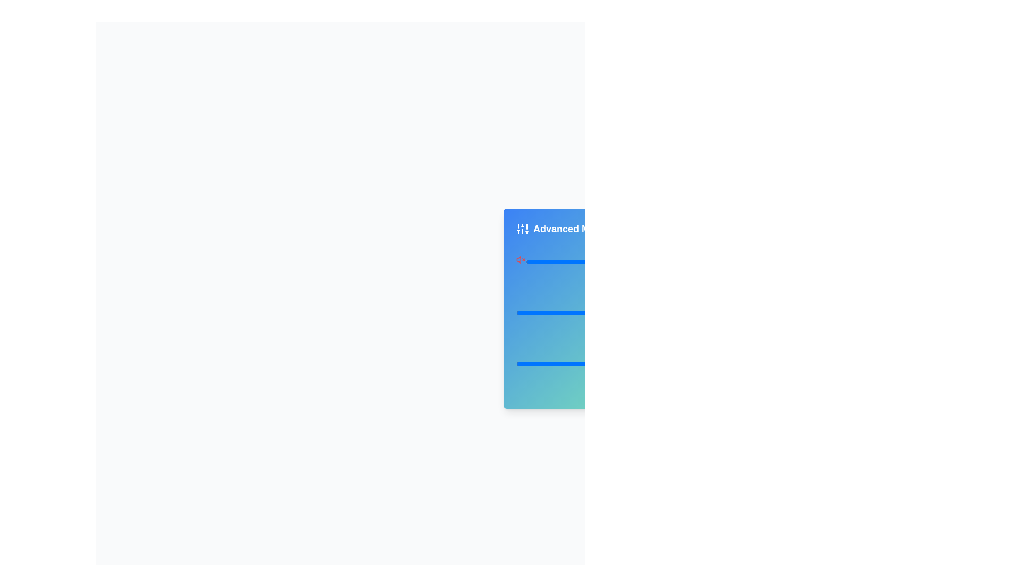 This screenshot has width=1020, height=574. Describe the element at coordinates (553, 313) in the screenshot. I see `the balance value` at that location.